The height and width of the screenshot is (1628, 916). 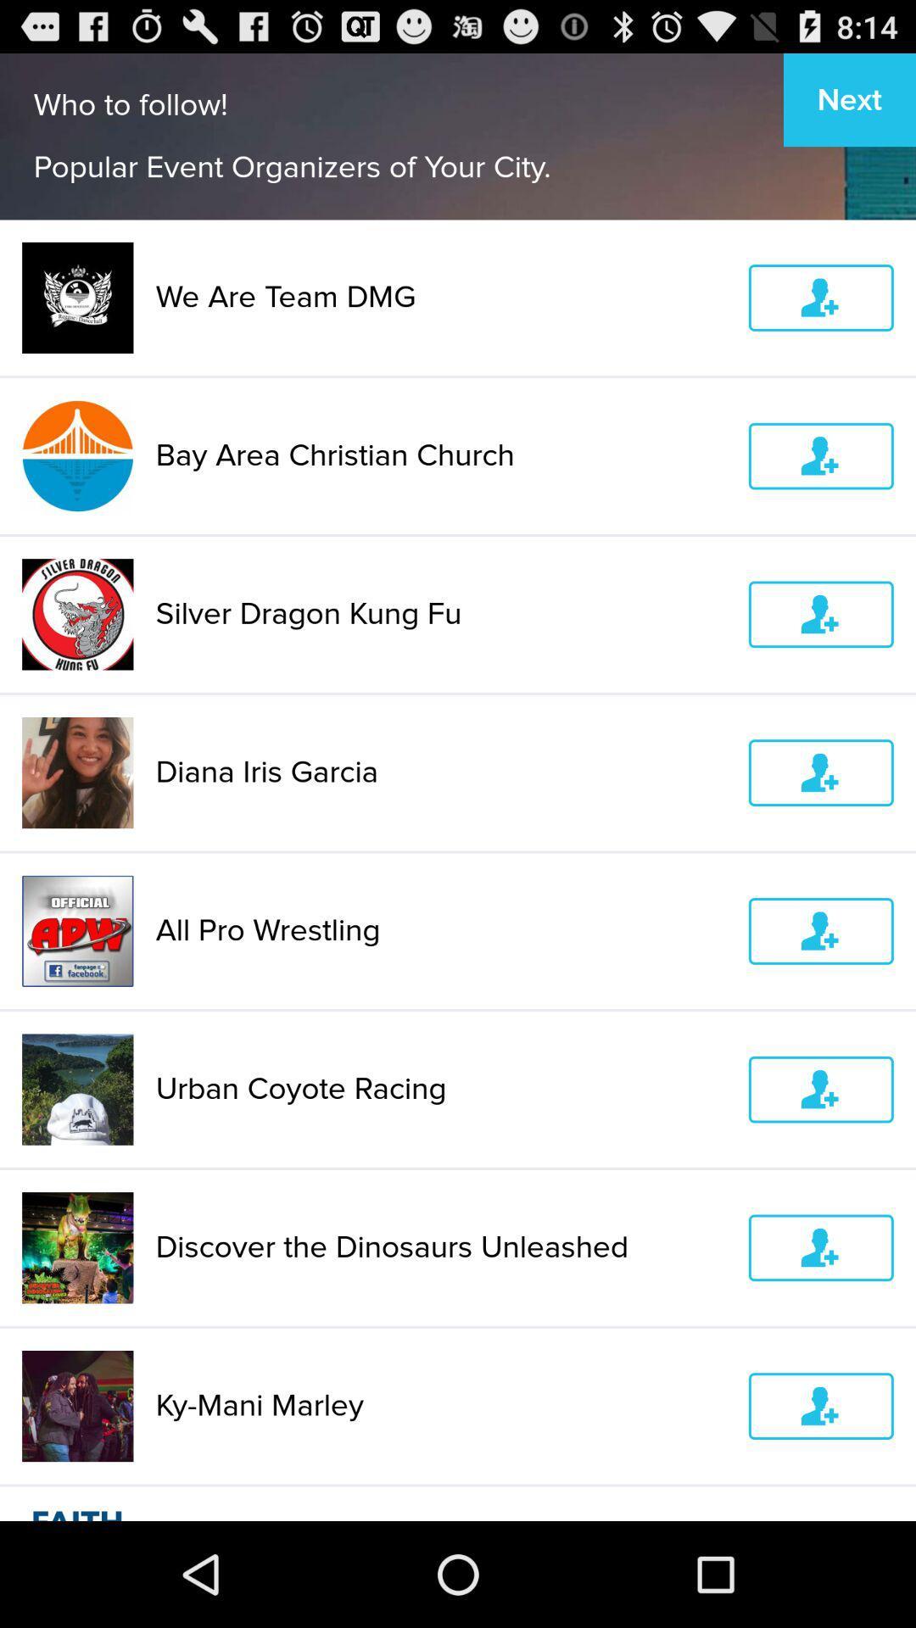 What do you see at coordinates (850, 99) in the screenshot?
I see `next icon` at bounding box center [850, 99].